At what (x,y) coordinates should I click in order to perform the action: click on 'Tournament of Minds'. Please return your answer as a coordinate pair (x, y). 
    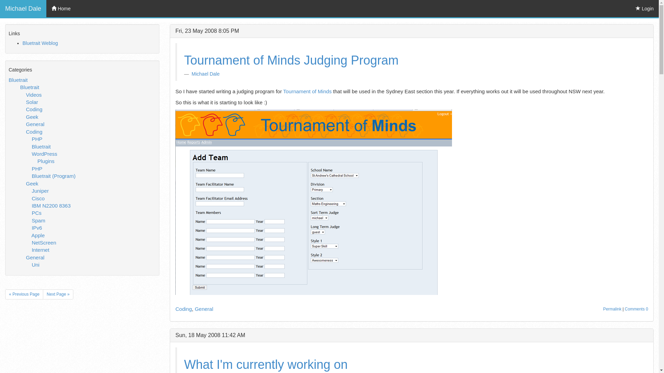
    Looking at the image, I should click on (283, 91).